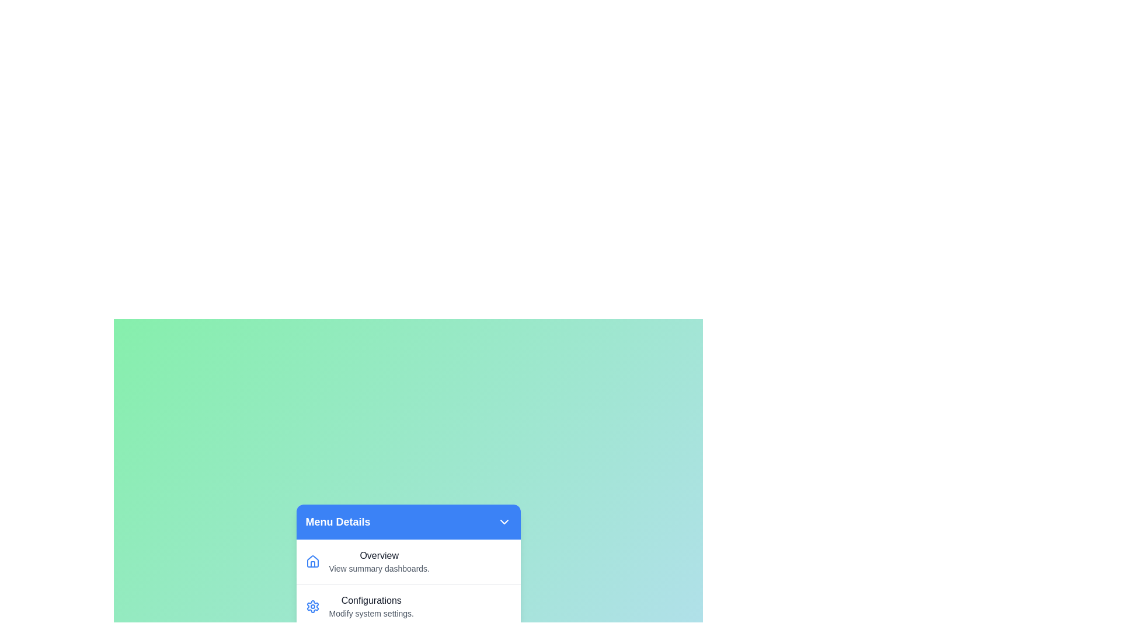 The height and width of the screenshot is (630, 1121). Describe the element at coordinates (312, 606) in the screenshot. I see `the icon corresponding to the menu item Configurations` at that location.